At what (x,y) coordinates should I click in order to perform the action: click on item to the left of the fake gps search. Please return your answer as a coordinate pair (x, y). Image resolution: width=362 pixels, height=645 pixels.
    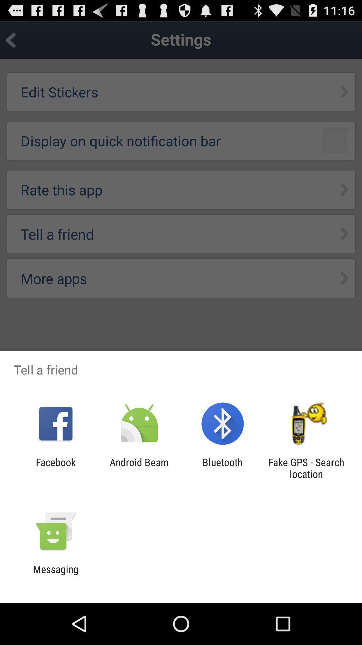
    Looking at the image, I should click on (223, 468).